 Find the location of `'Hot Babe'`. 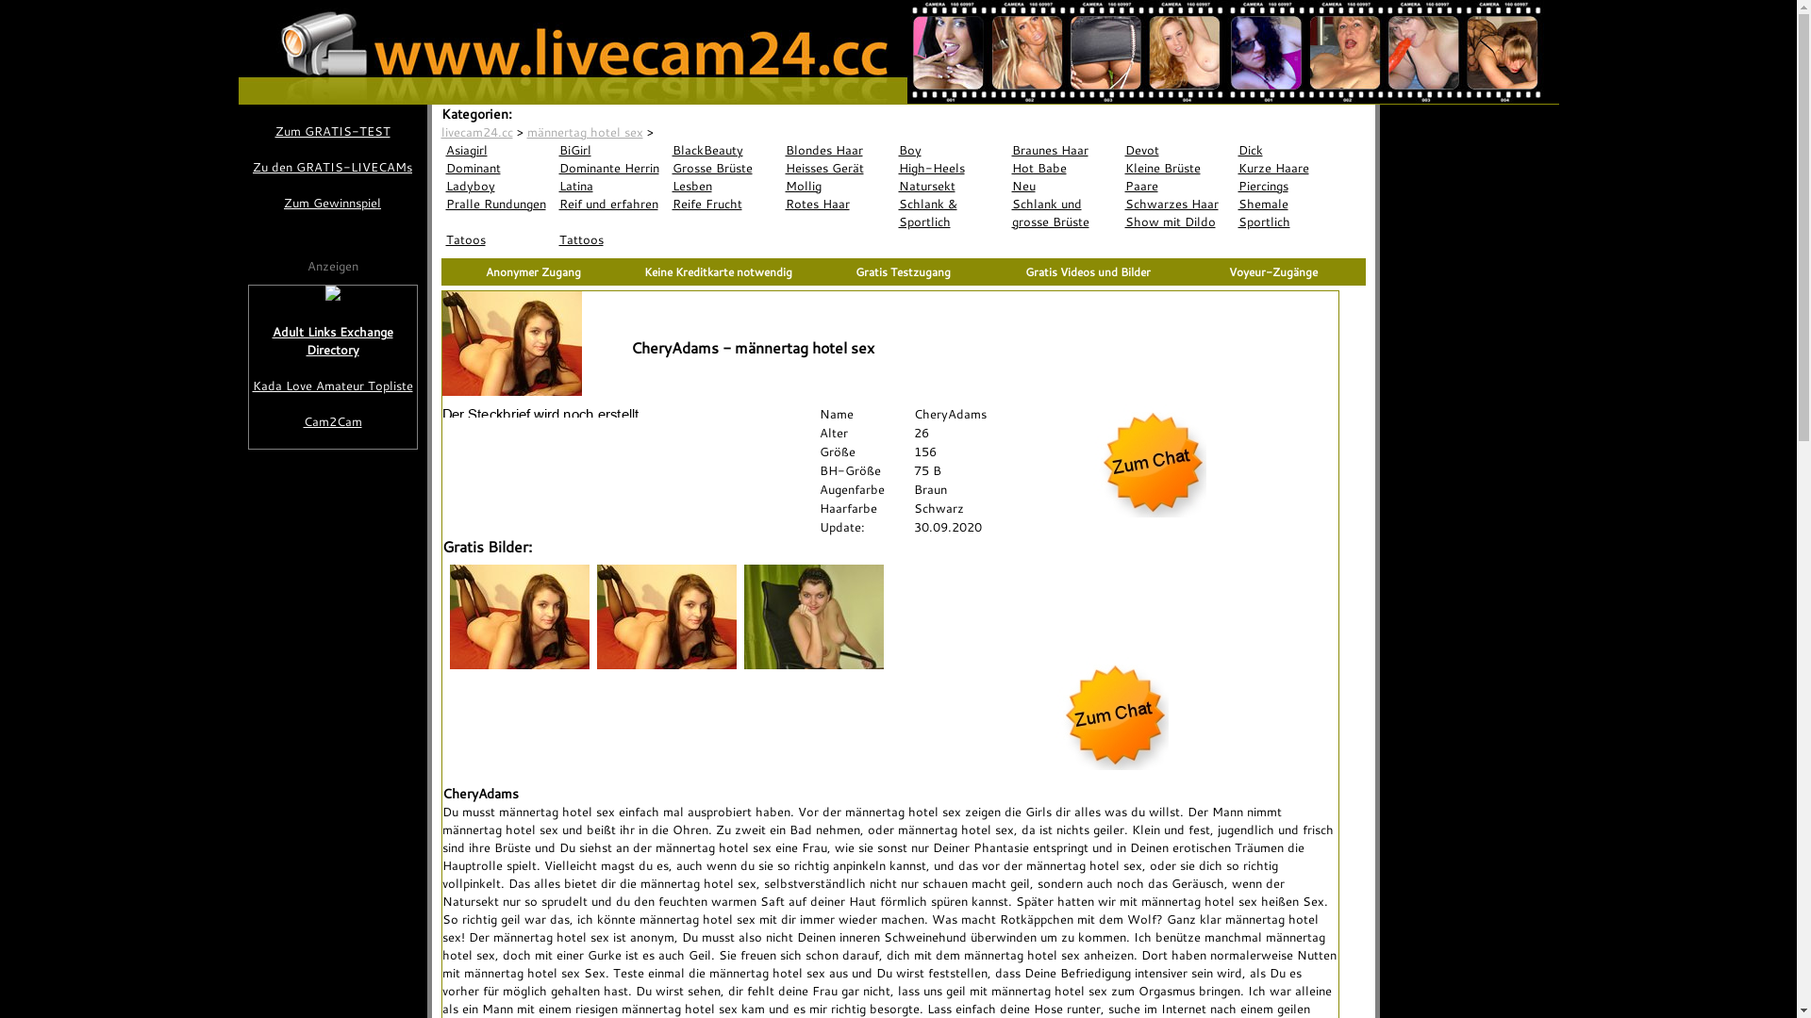

'Hot Babe' is located at coordinates (1006, 167).